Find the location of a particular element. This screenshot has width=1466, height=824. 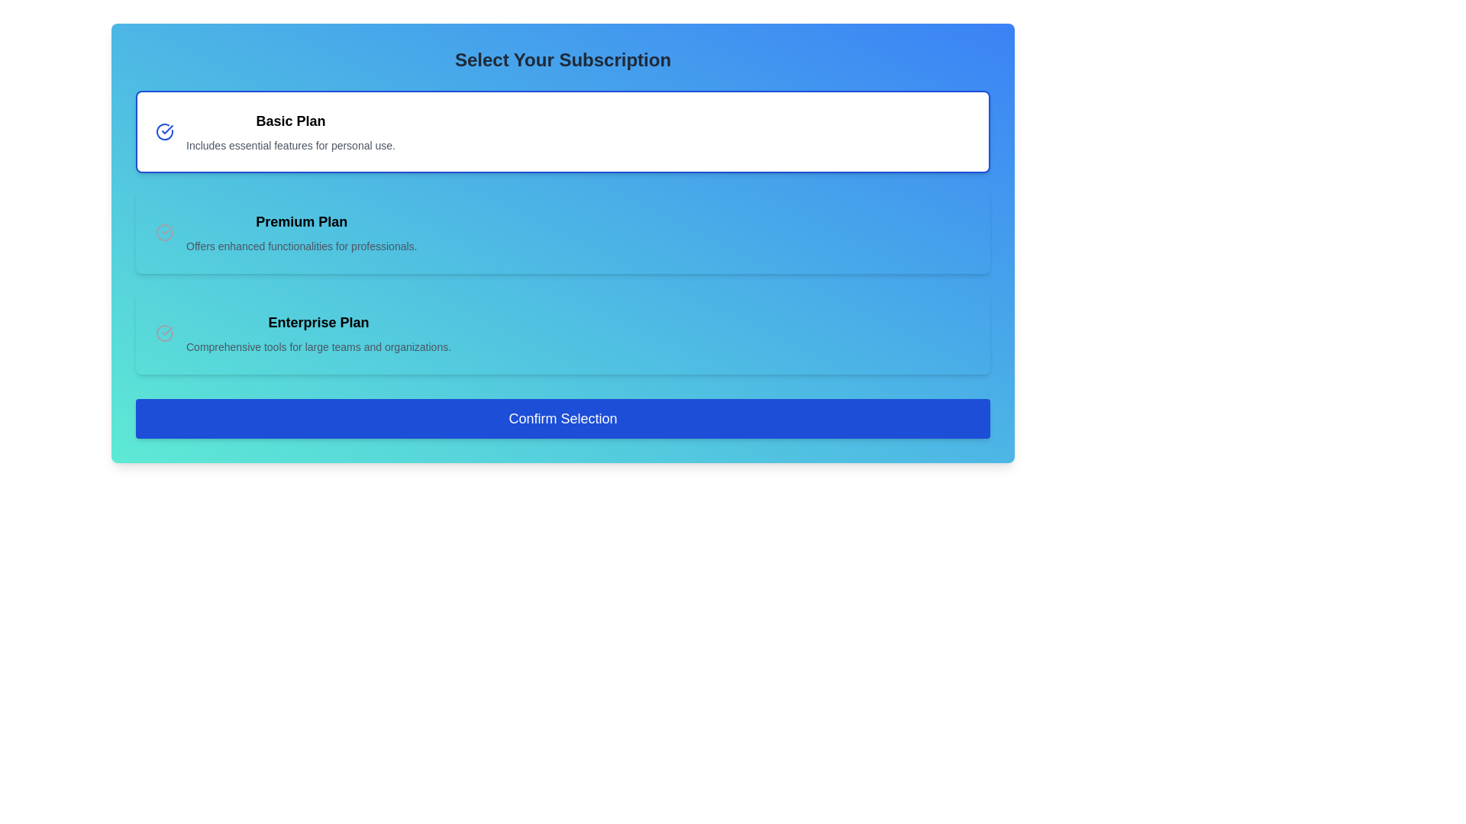

the text label that reads 'Includes essential features for personal use.' which is styled with a gray font color and positioned directly beneath the heading 'Basic Plan' is located at coordinates (290, 146).